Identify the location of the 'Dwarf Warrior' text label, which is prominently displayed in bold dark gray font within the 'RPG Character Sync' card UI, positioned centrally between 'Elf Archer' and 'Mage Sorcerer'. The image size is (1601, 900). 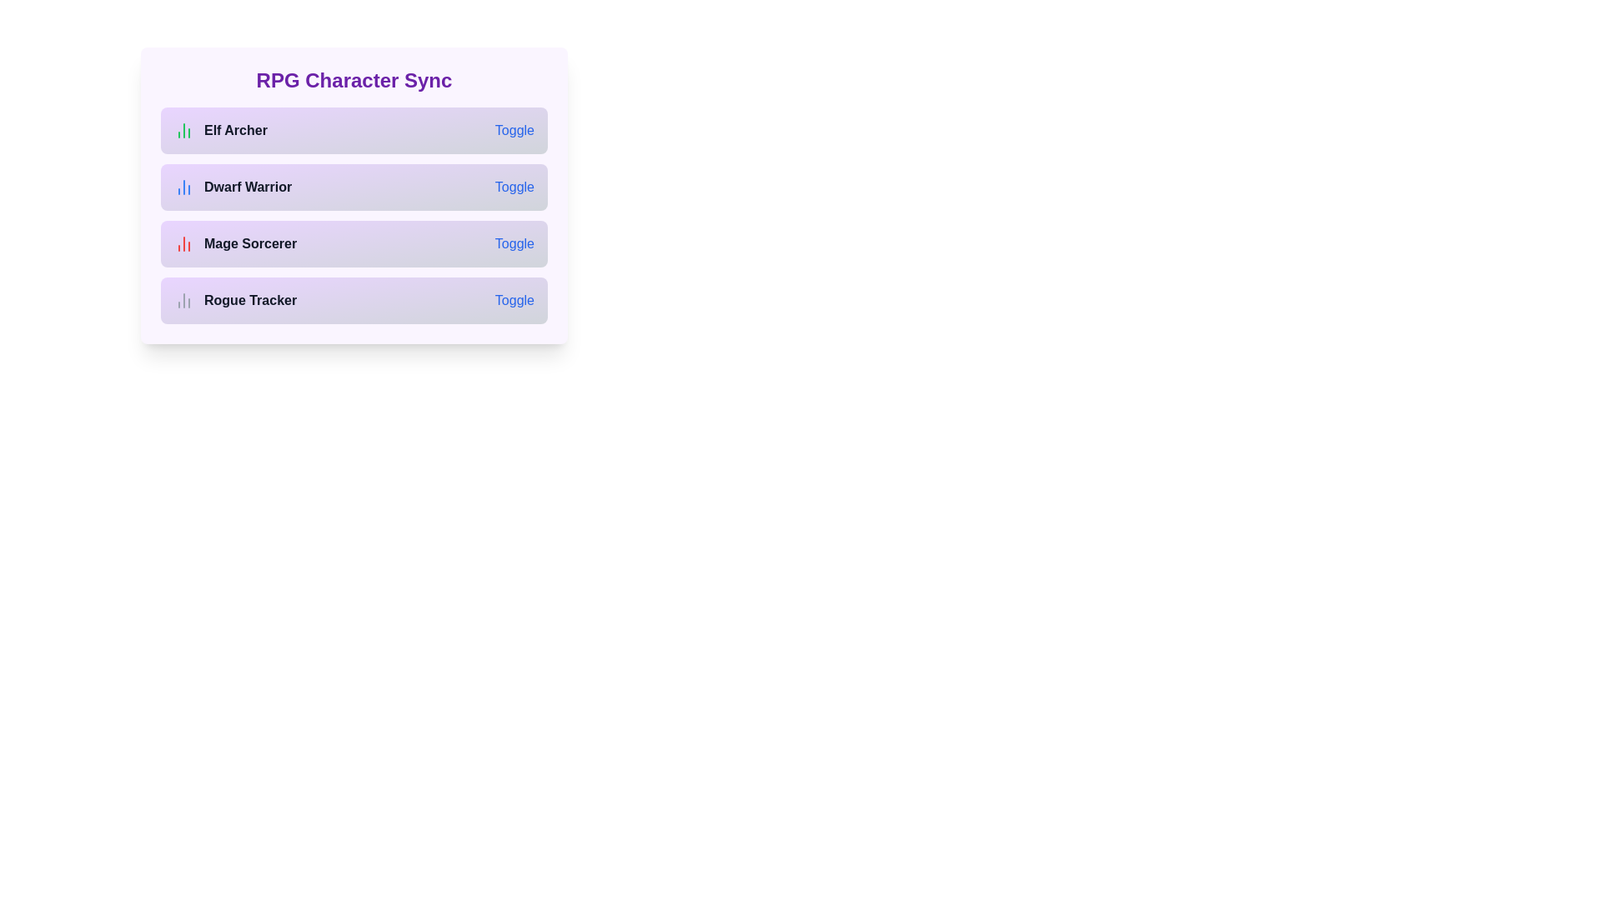
(247, 187).